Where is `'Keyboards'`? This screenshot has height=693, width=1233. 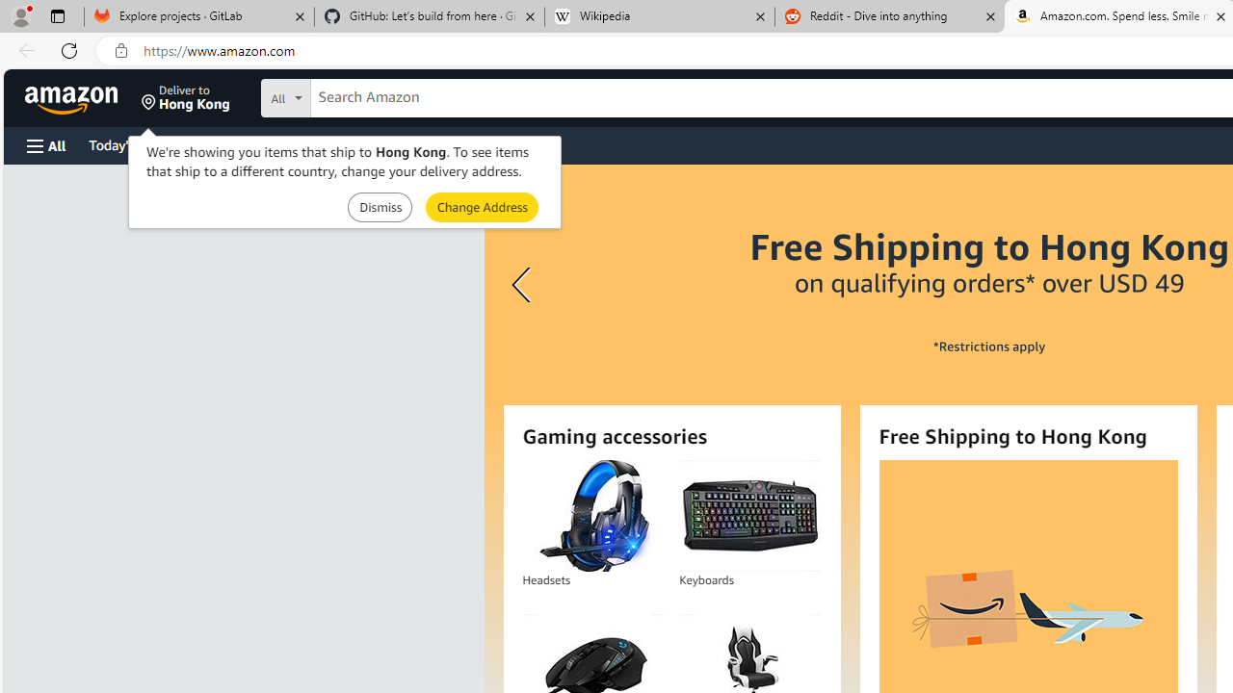 'Keyboards' is located at coordinates (748, 515).